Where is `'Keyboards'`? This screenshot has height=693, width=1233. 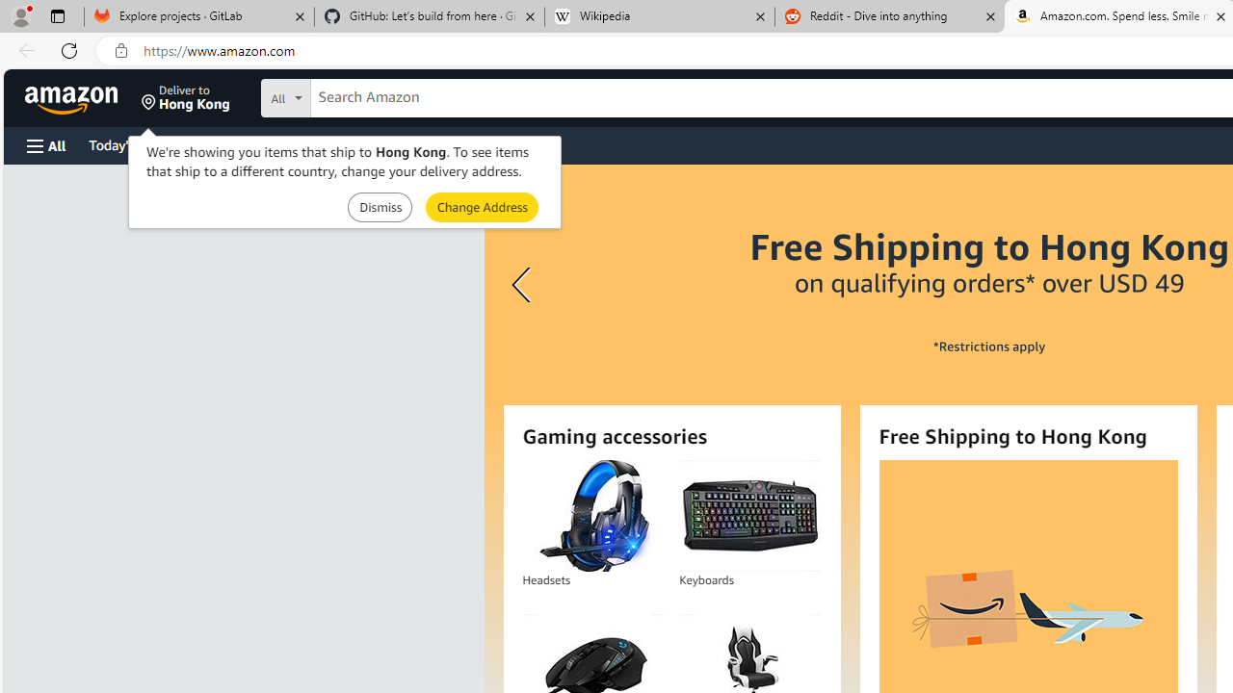 'Keyboards' is located at coordinates (748, 515).